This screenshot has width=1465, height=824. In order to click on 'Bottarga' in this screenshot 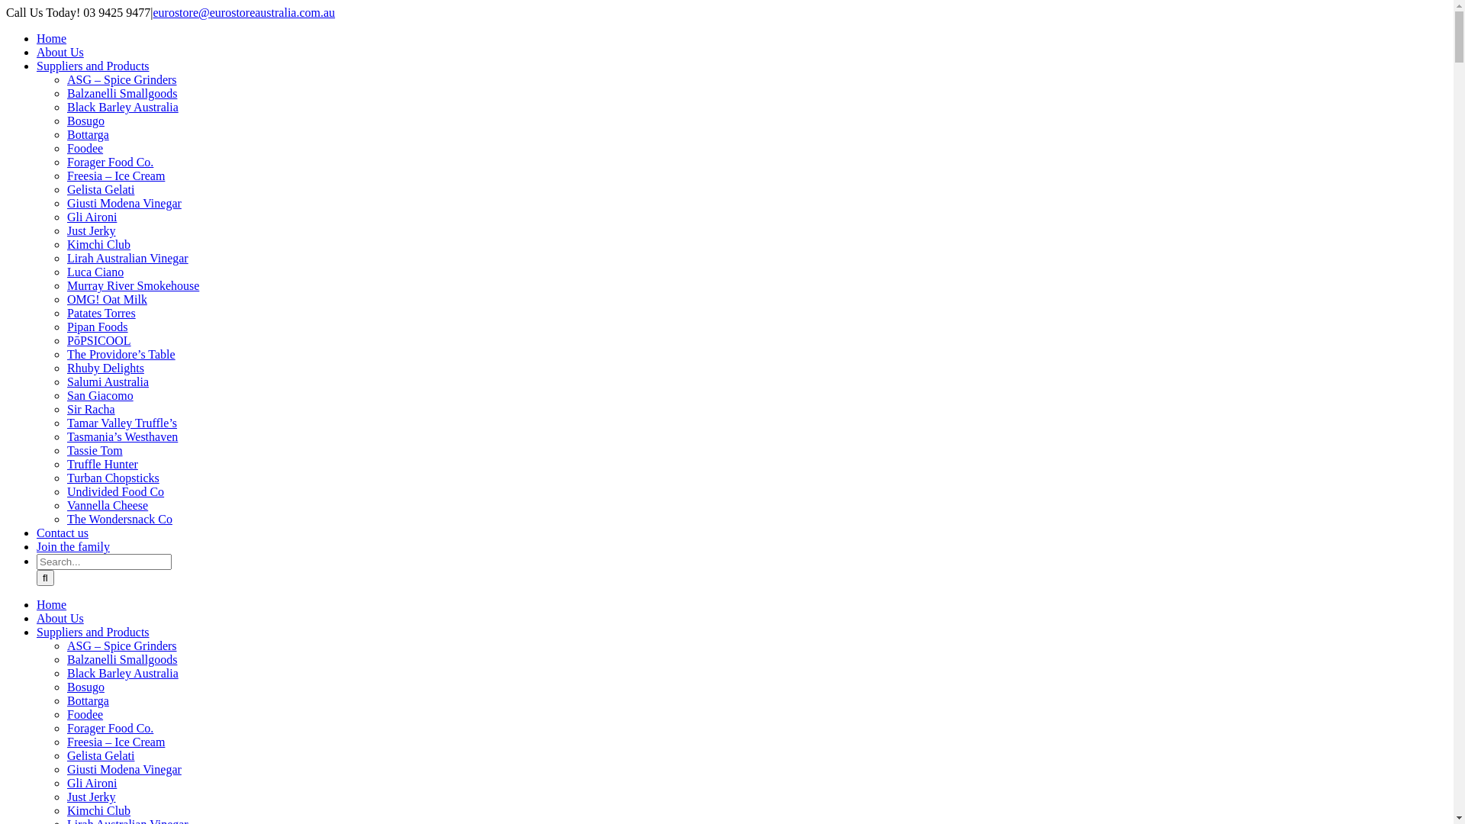, I will do `click(66, 134)`.